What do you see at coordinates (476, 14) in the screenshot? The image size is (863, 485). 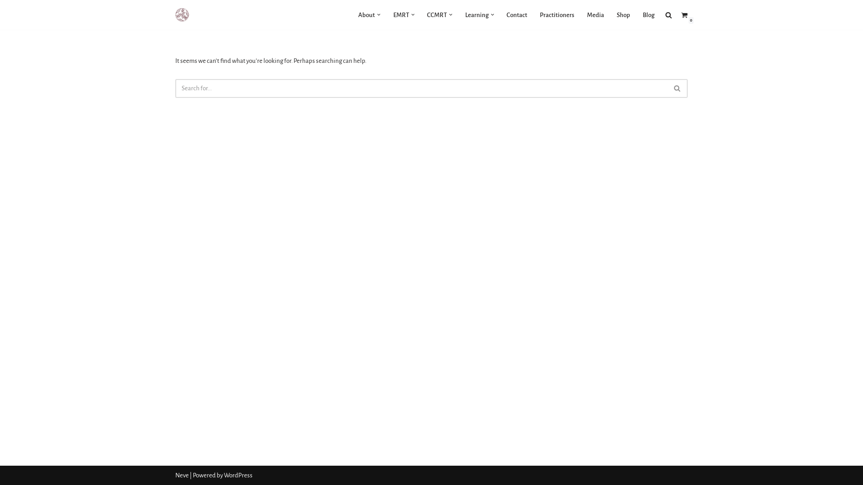 I see `'Learning'` at bounding box center [476, 14].